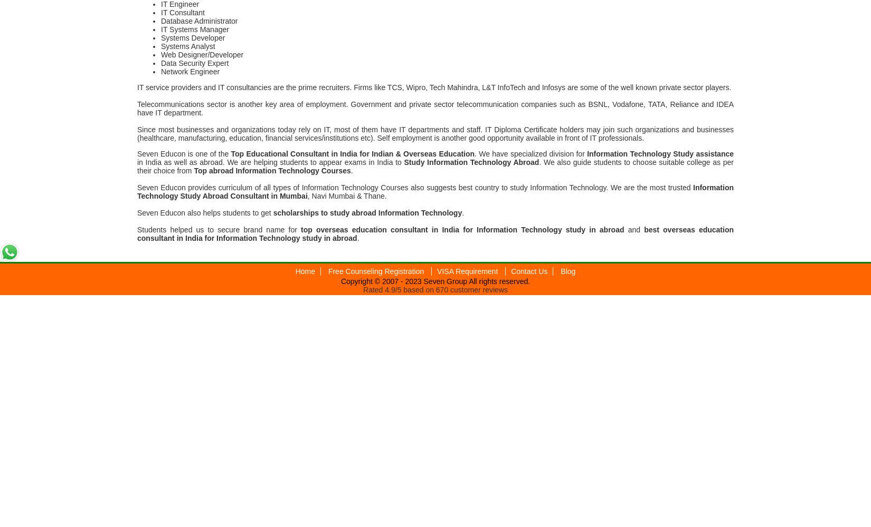 The width and height of the screenshot is (871, 527). What do you see at coordinates (634, 229) in the screenshot?
I see `'and'` at bounding box center [634, 229].